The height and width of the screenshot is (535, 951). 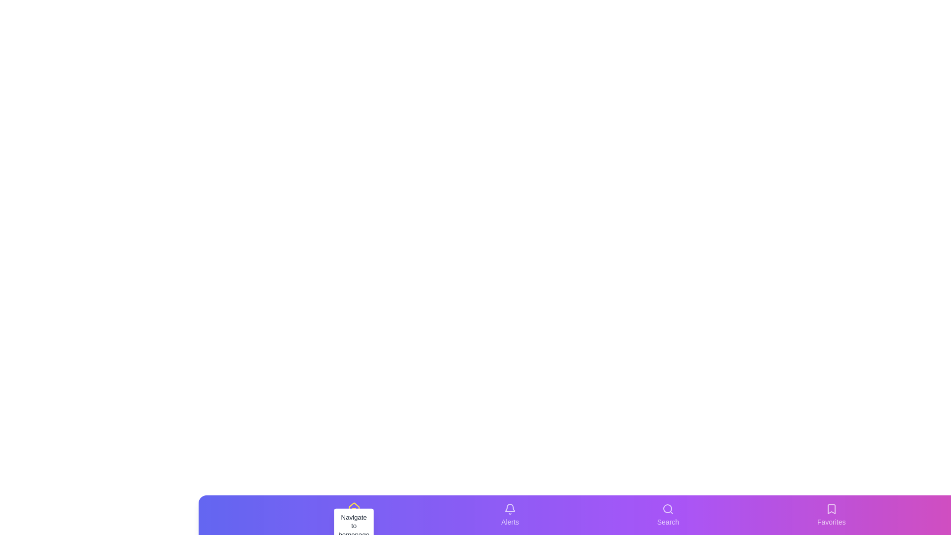 What do you see at coordinates (354, 515) in the screenshot?
I see `the tab labeled Home to view its description` at bounding box center [354, 515].